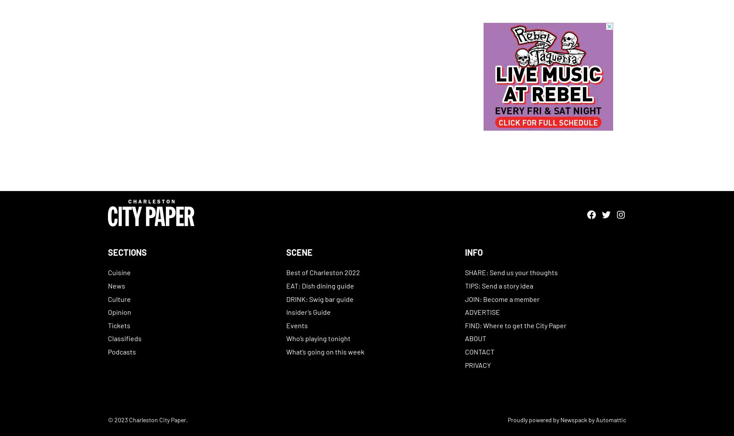 The image size is (734, 436). I want to click on 'Who’s playing tonight', so click(318, 338).